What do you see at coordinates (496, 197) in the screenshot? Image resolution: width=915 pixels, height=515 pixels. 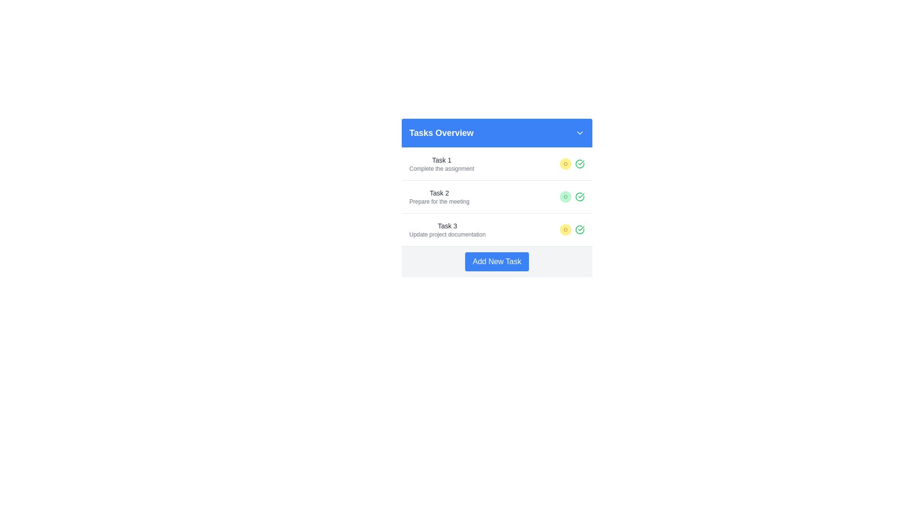 I see `the task entry component for 'Task 2'` at bounding box center [496, 197].